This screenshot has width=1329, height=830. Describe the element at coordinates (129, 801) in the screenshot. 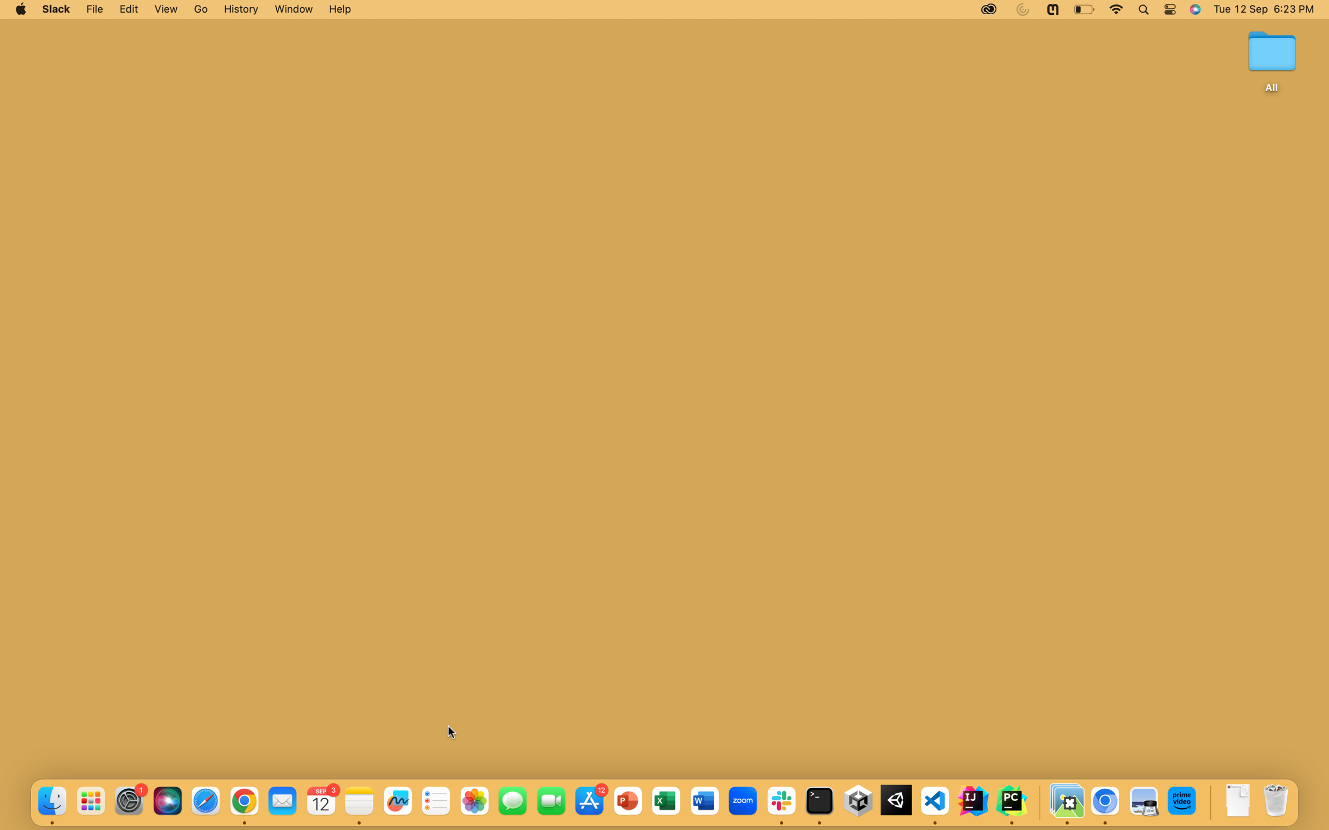

I see `the System Preferences symbol situated at the bottom` at that location.